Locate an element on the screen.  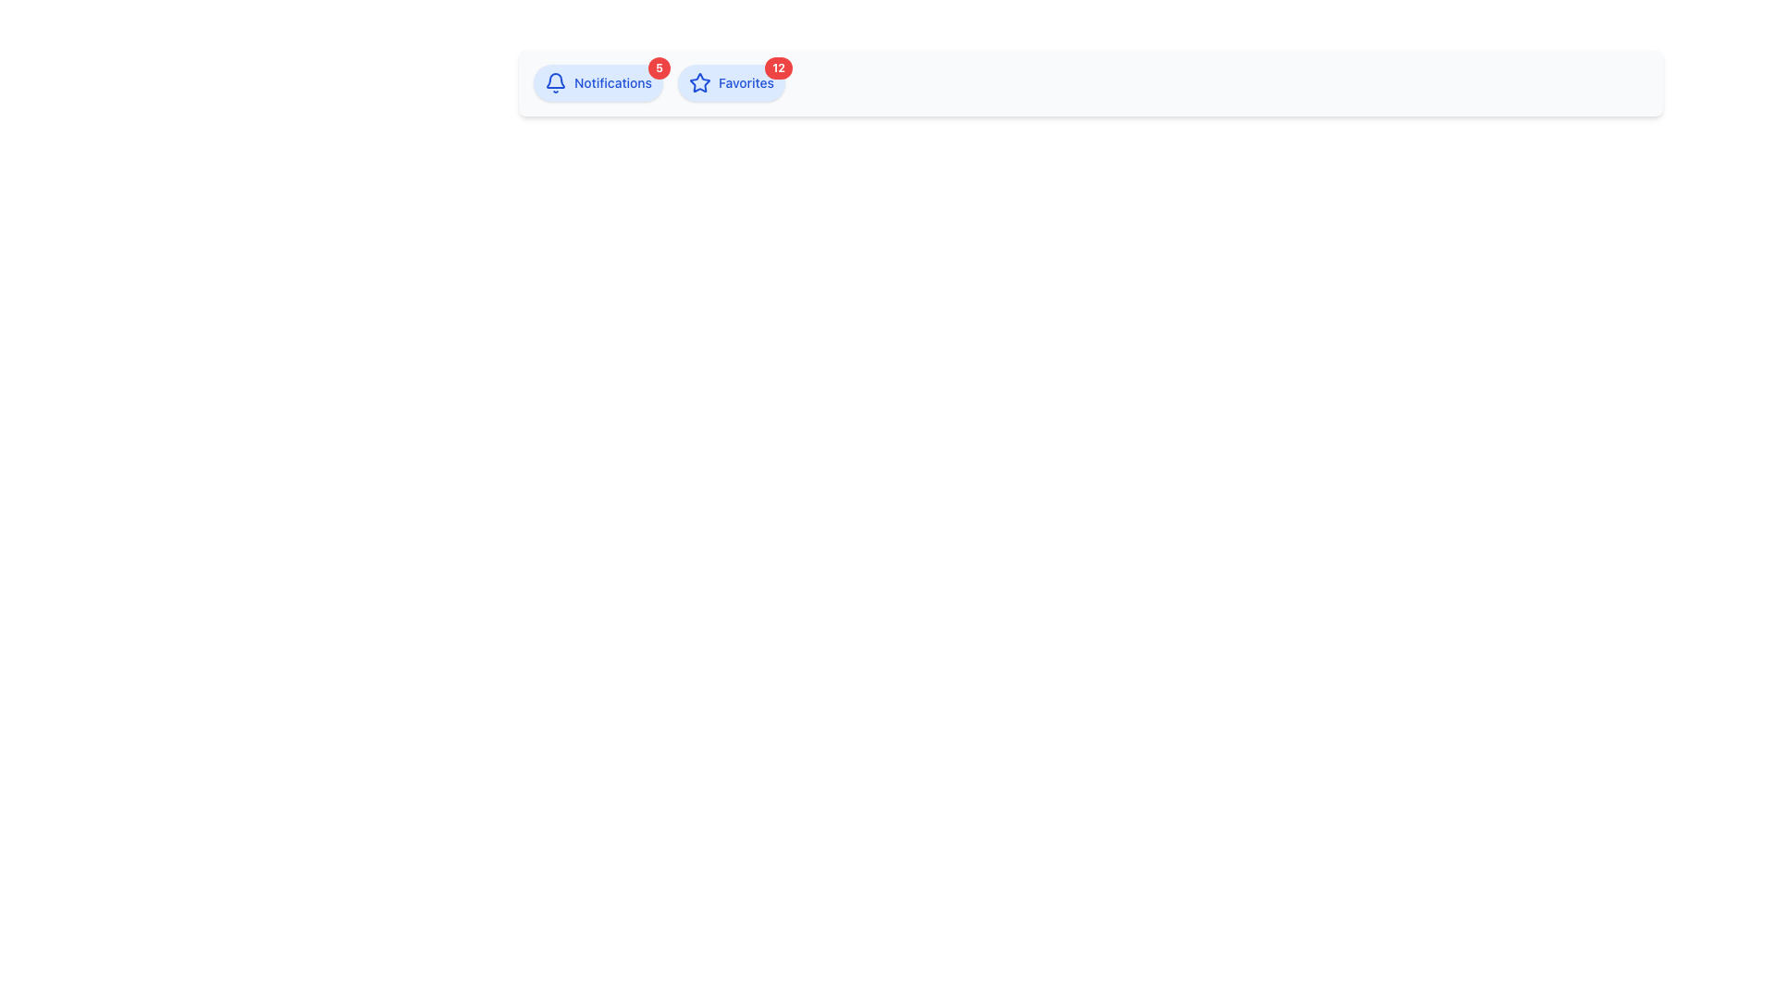
the star icon located to the right of the Notifications button, which indicates favorites or important items is located at coordinates (699, 81).